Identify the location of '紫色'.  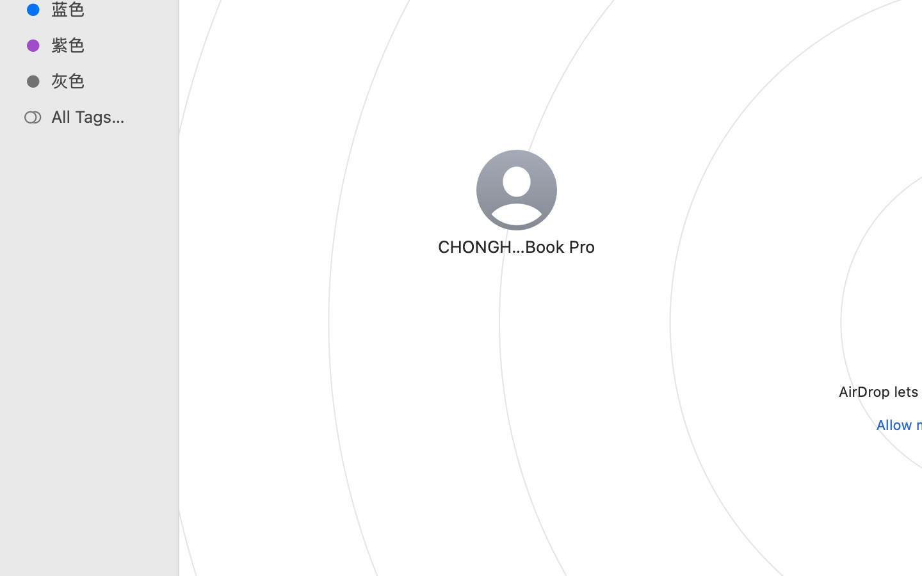
(102, 44).